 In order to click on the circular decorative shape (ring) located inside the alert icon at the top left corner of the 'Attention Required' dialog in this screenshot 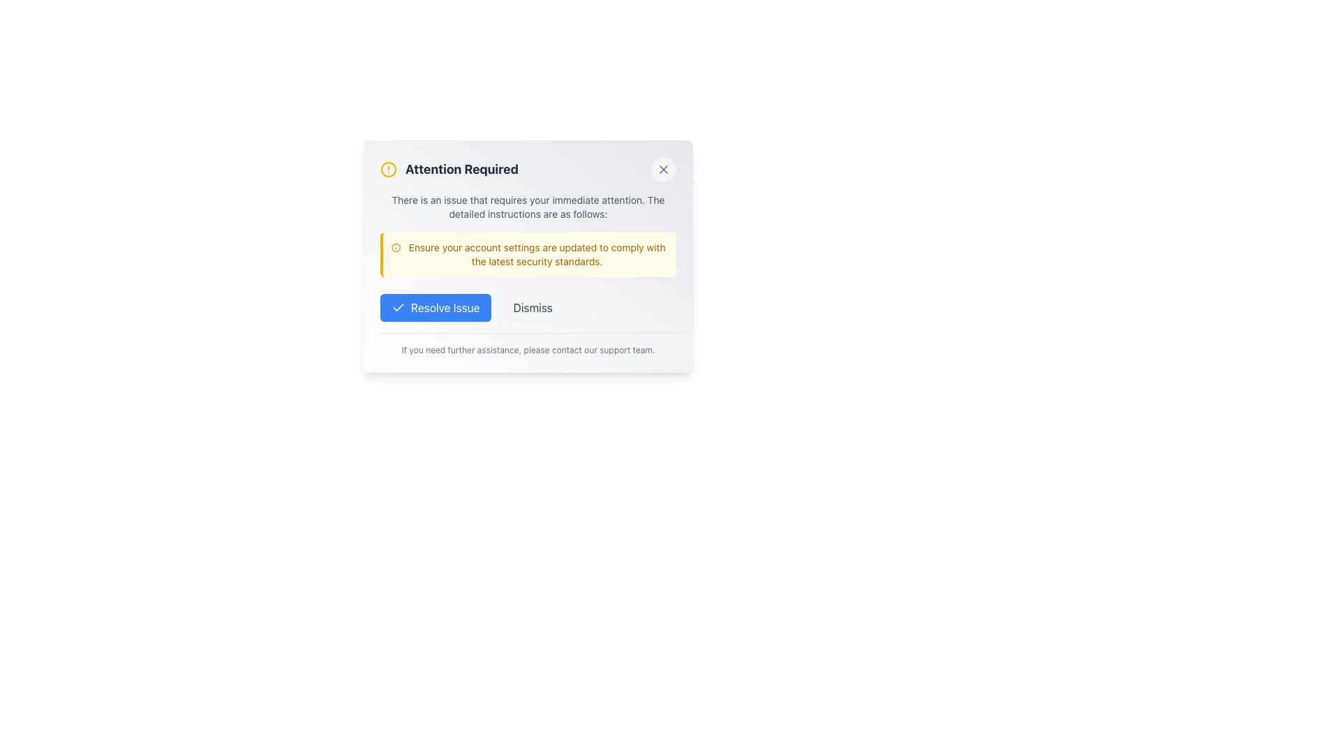, I will do `click(388, 169)`.